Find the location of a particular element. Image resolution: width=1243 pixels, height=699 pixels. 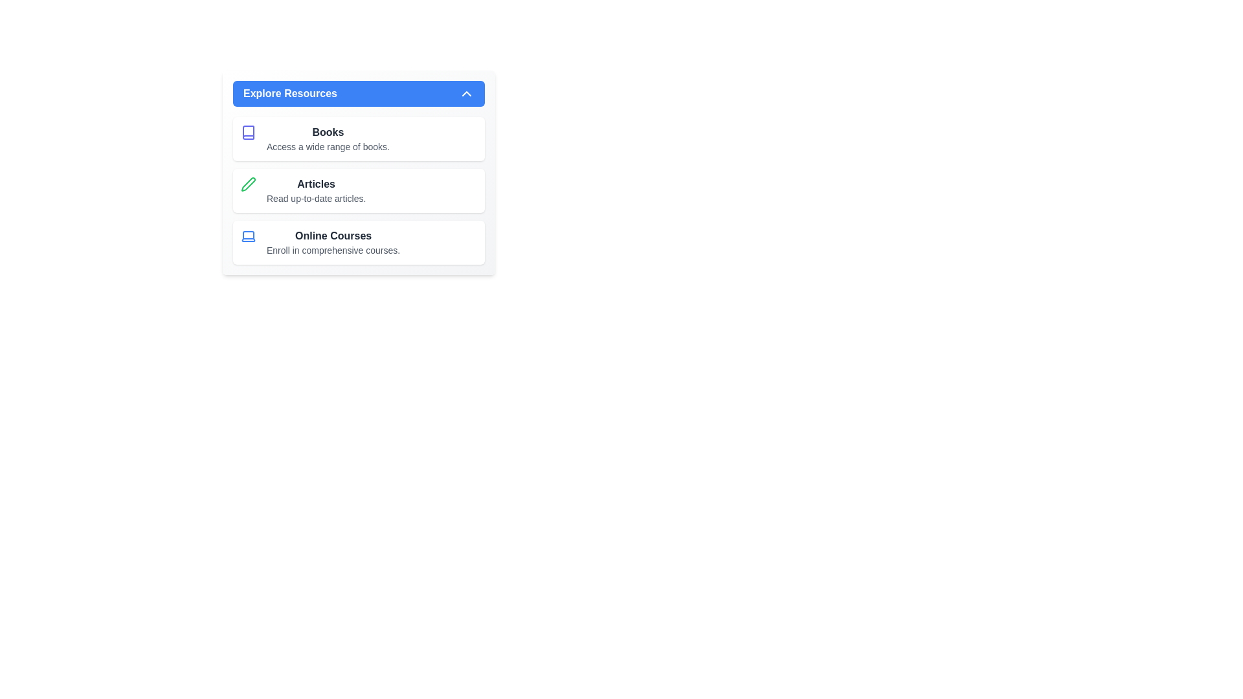

text label indicating the category of resources labeled 'Online Courses', which serves as a heading within a card structure under the 'Explore Resources' section is located at coordinates (333, 236).